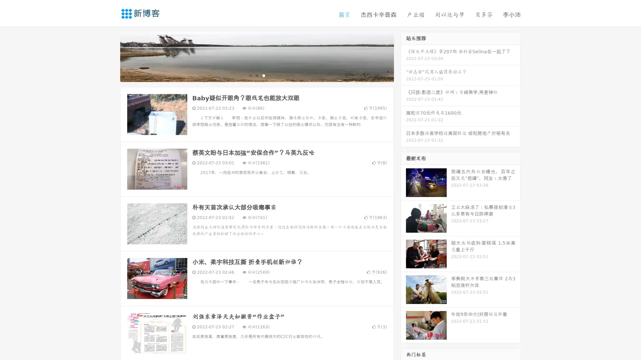 The width and height of the screenshot is (641, 360). I want to click on Go to slide 1, so click(250, 75).